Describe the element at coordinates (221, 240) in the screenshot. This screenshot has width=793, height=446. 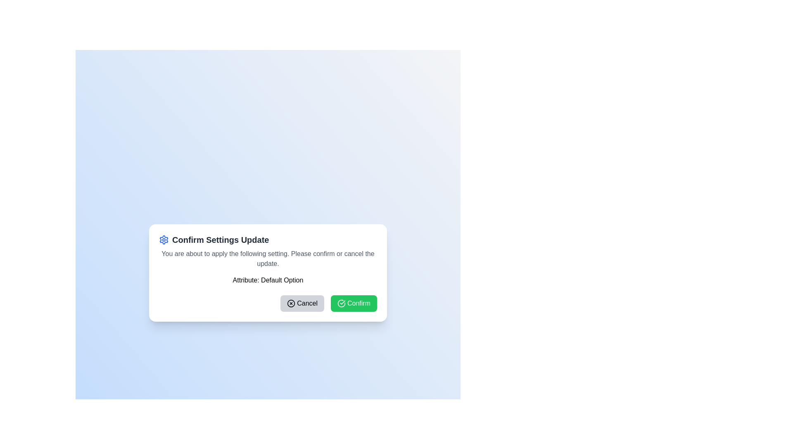
I see `the text element that serves as the title or heading for the modal confirming an update to settings, located at the top of the modal dialog box` at that location.